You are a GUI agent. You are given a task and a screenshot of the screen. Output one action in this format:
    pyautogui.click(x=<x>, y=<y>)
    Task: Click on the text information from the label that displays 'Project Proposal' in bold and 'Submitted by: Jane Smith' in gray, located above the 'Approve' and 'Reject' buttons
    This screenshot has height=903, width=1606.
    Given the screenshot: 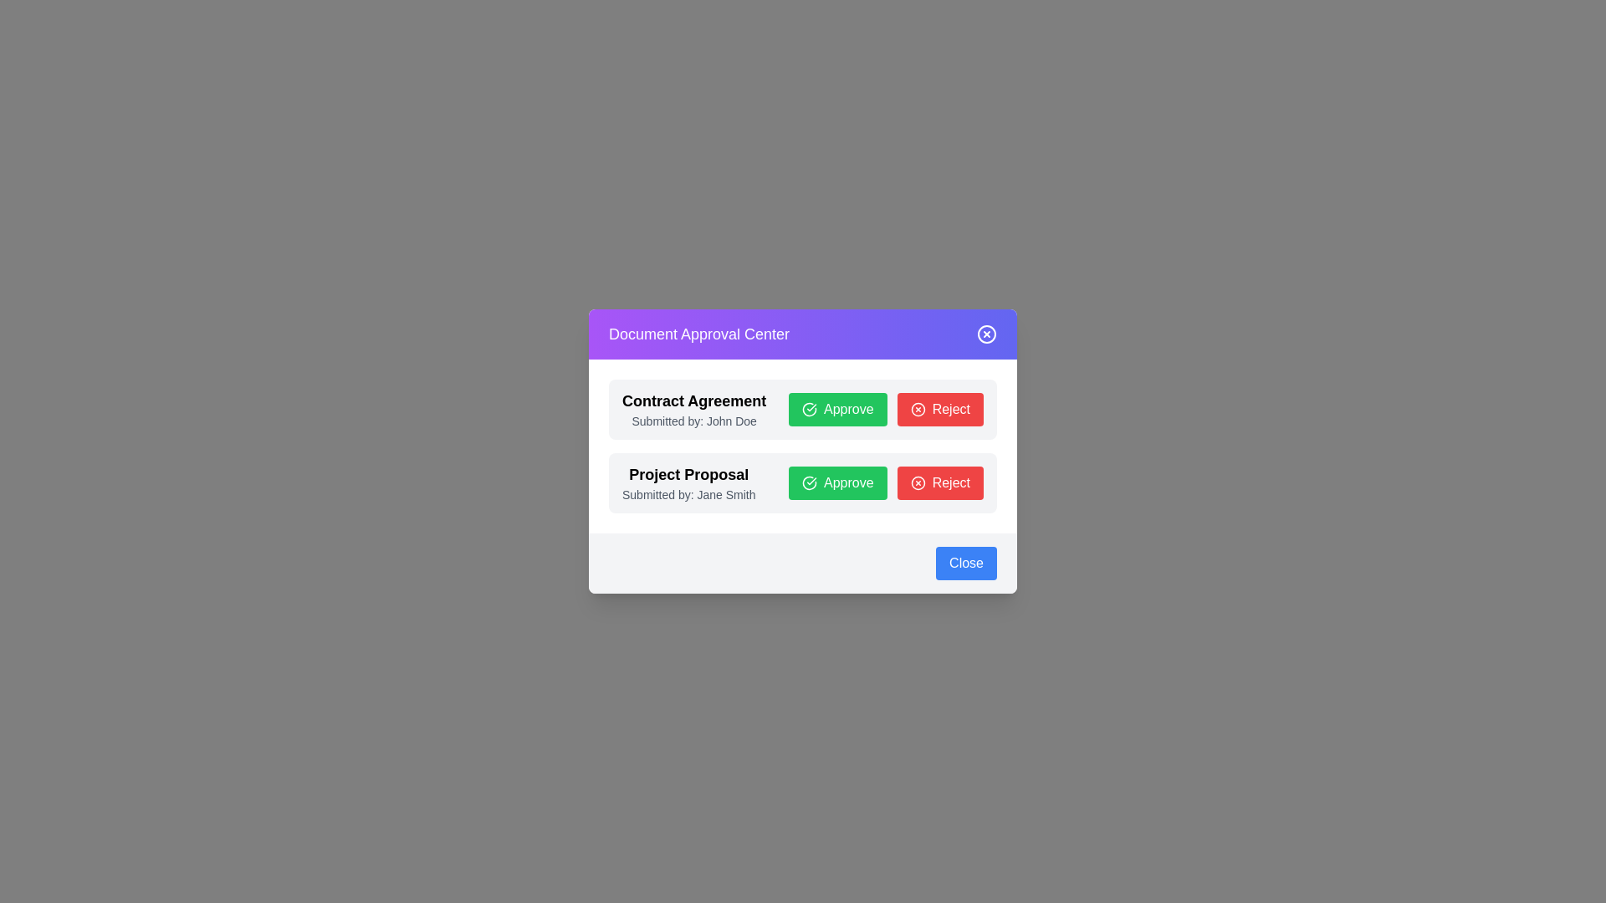 What is the action you would take?
    pyautogui.click(x=688, y=483)
    